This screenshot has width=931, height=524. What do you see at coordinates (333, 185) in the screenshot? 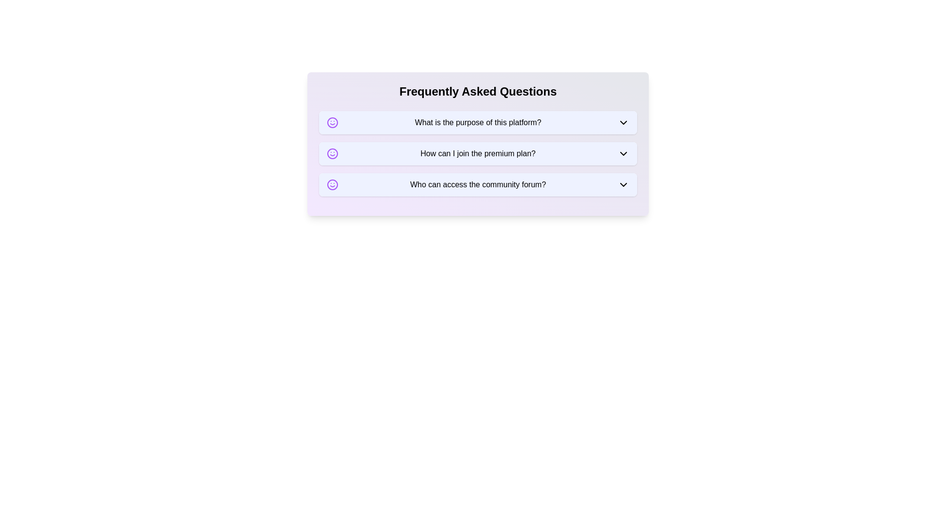
I see `the decorative icon or glyph located to the left of the text in the FAQ item labeled 'Who can access the community forum?'` at bounding box center [333, 185].